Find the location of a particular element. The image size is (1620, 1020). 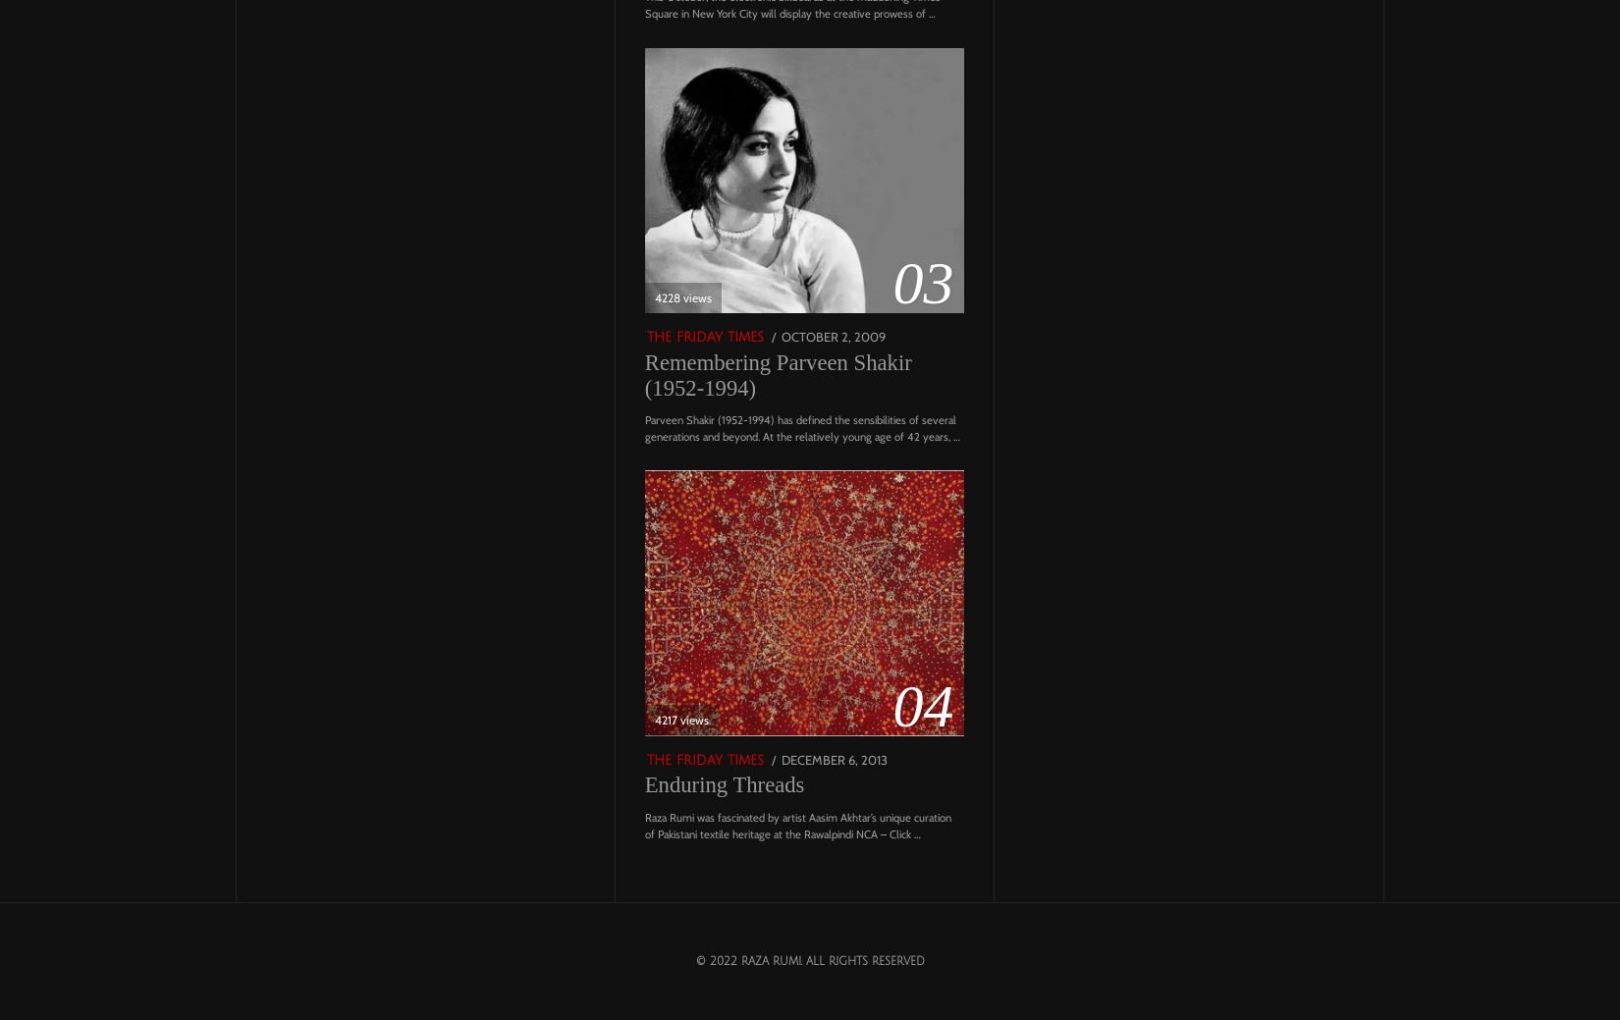

'Parveen Shakir (1952-1994) has defined the sensibilities of several generations and beyond. At the relatively young age of 42 years, …' is located at coordinates (800, 427).